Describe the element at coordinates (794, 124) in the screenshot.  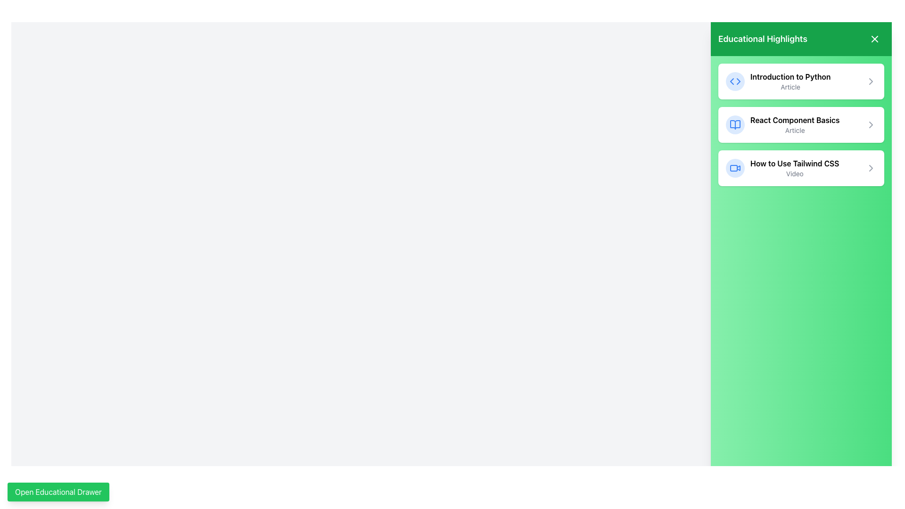
I see `the Text Display Group containing the title 'React Component Basics' and the label 'Article' in the 'Educational Highlights' panel` at that location.